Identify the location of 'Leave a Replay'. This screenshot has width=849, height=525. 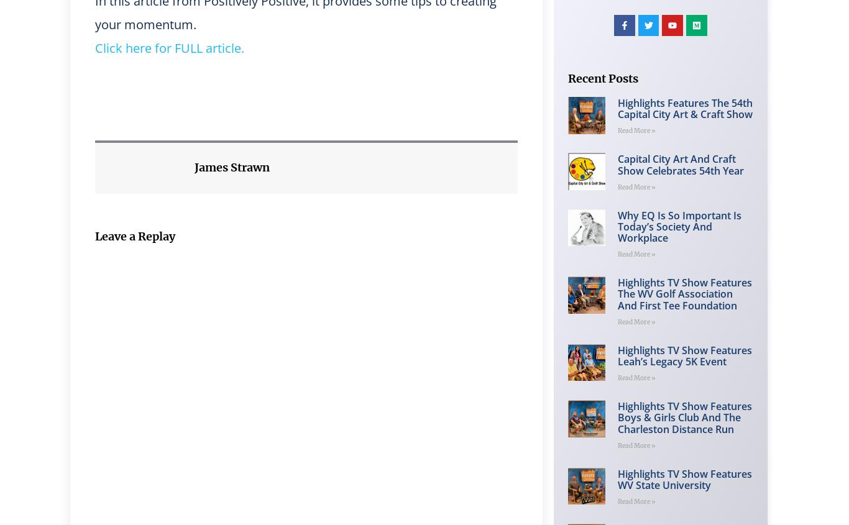
(94, 235).